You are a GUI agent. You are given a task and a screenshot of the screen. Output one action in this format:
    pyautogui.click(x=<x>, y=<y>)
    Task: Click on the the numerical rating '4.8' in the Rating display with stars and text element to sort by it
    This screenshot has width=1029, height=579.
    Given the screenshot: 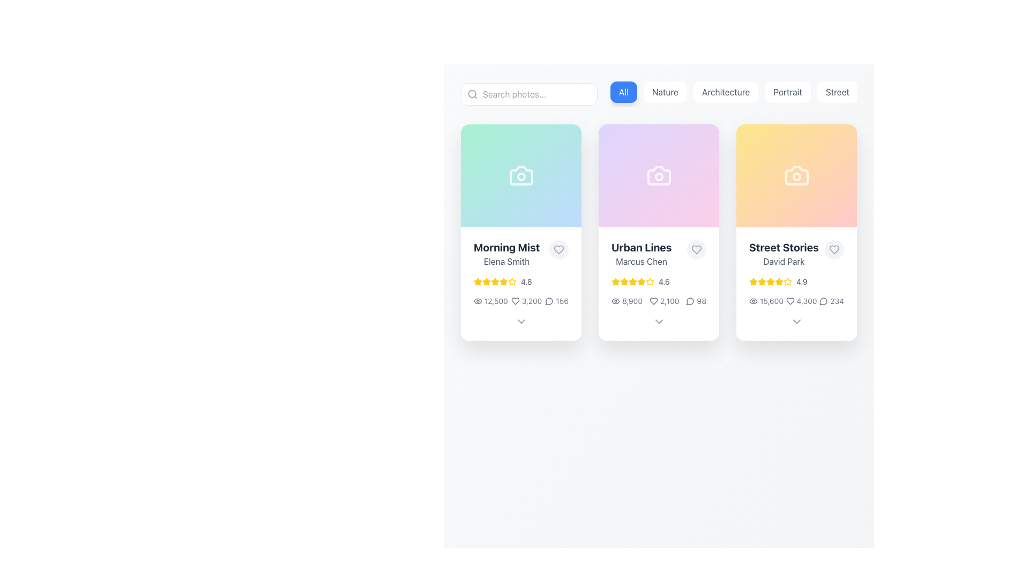 What is the action you would take?
    pyautogui.click(x=521, y=281)
    